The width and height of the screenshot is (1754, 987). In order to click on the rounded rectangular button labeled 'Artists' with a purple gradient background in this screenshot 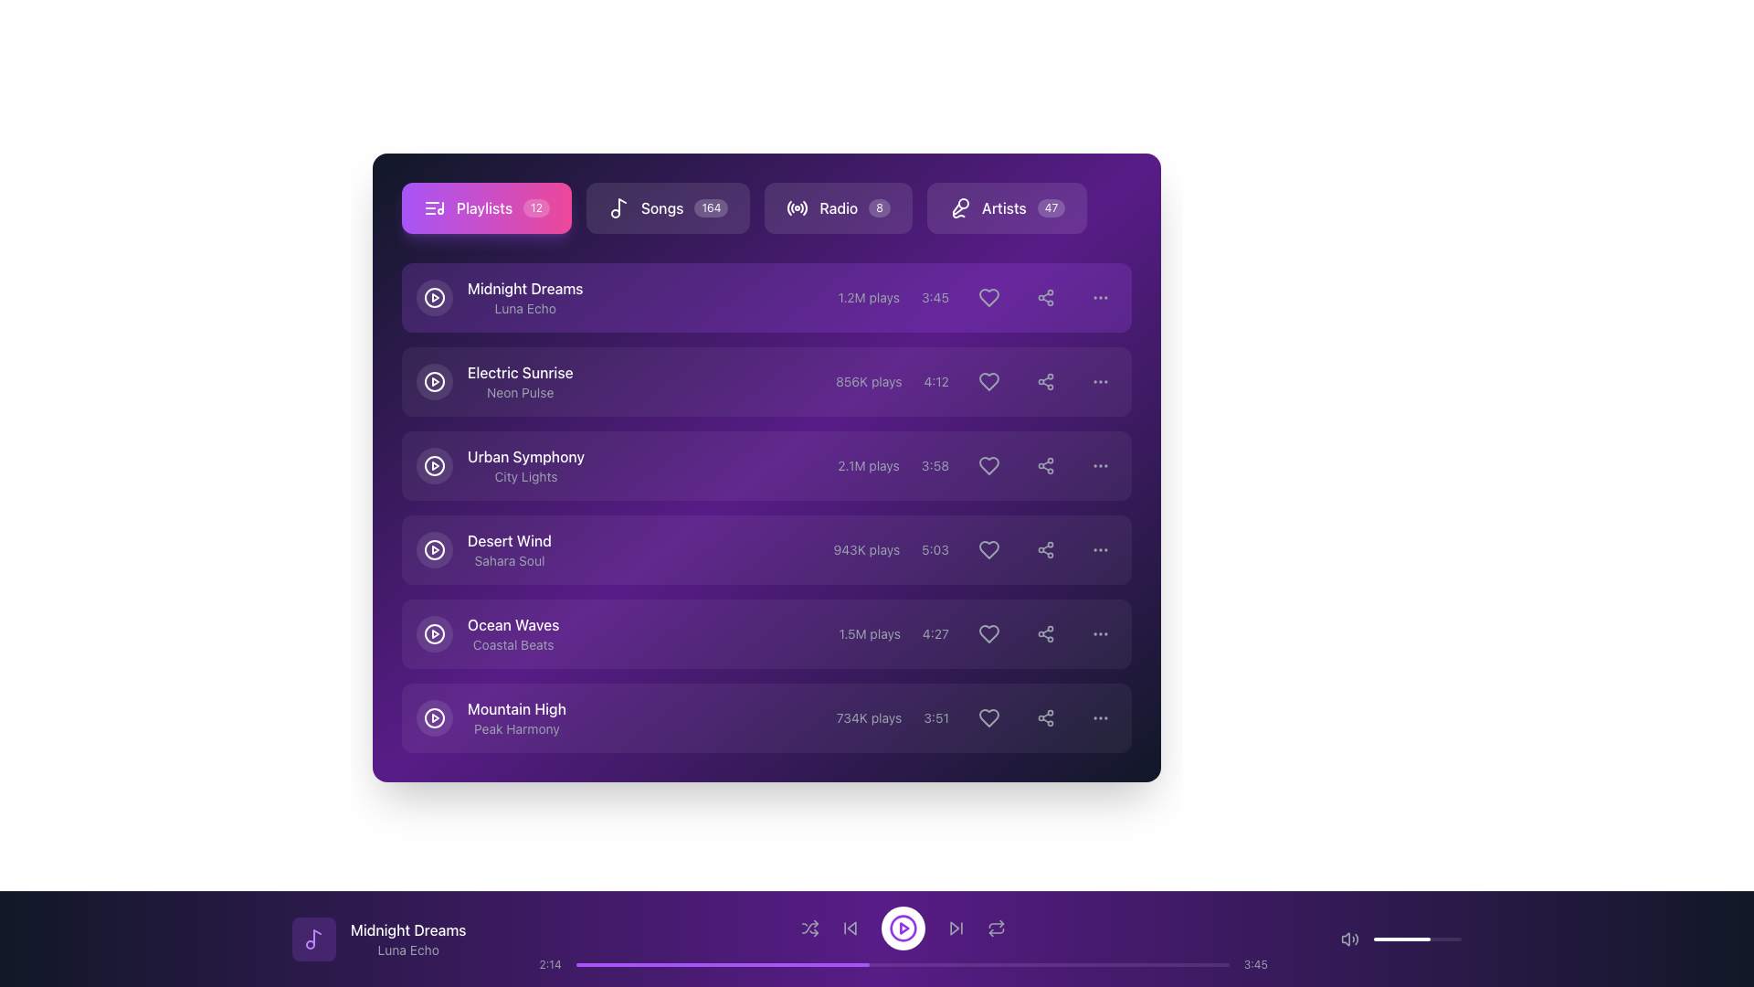, I will do `click(1006, 207)`.